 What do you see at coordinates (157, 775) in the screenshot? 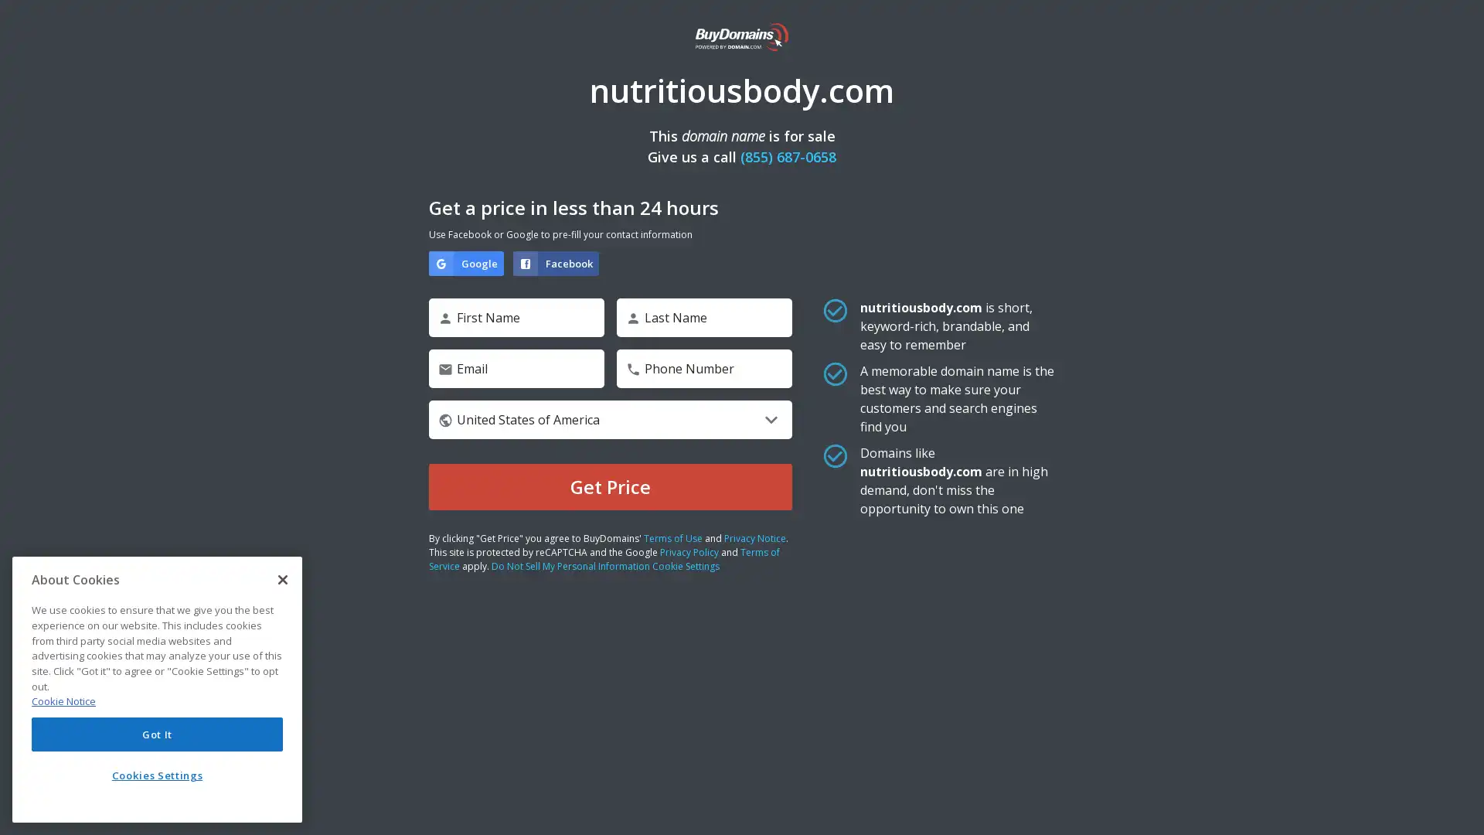
I see `Cookies Settings` at bounding box center [157, 775].